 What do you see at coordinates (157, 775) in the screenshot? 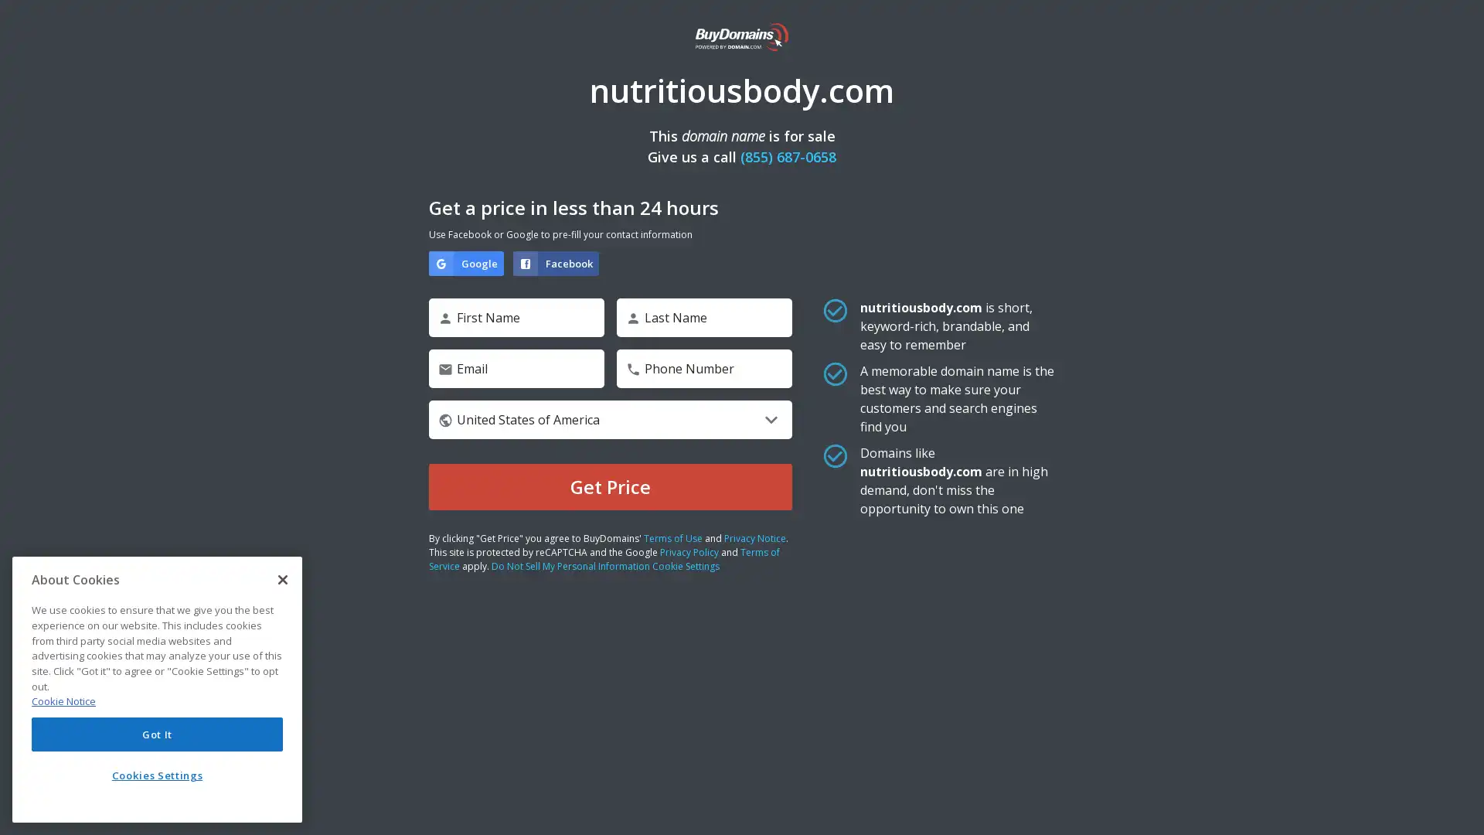
I see `Cookies Settings` at bounding box center [157, 775].